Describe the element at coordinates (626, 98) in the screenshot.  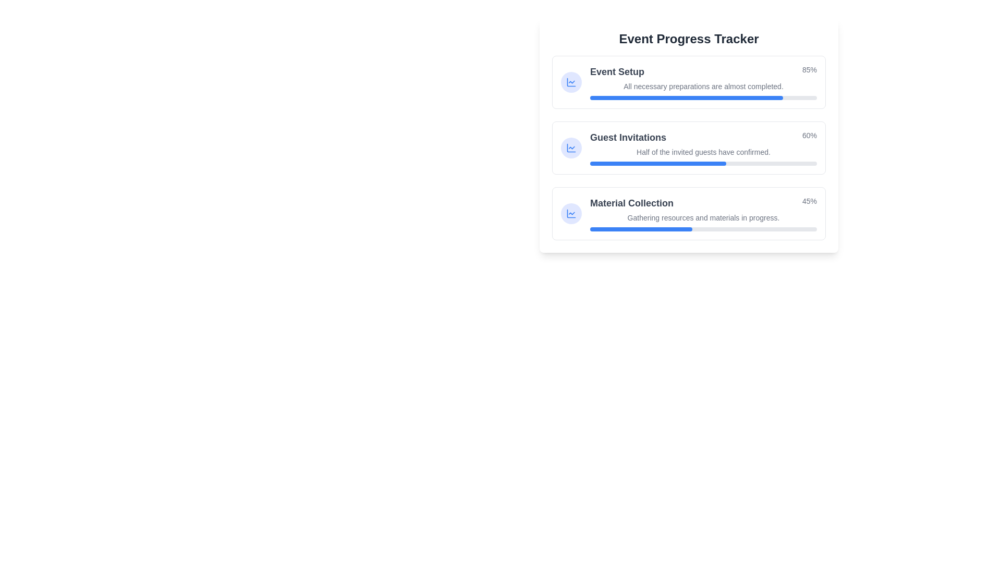
I see `the progress of the bar` at that location.